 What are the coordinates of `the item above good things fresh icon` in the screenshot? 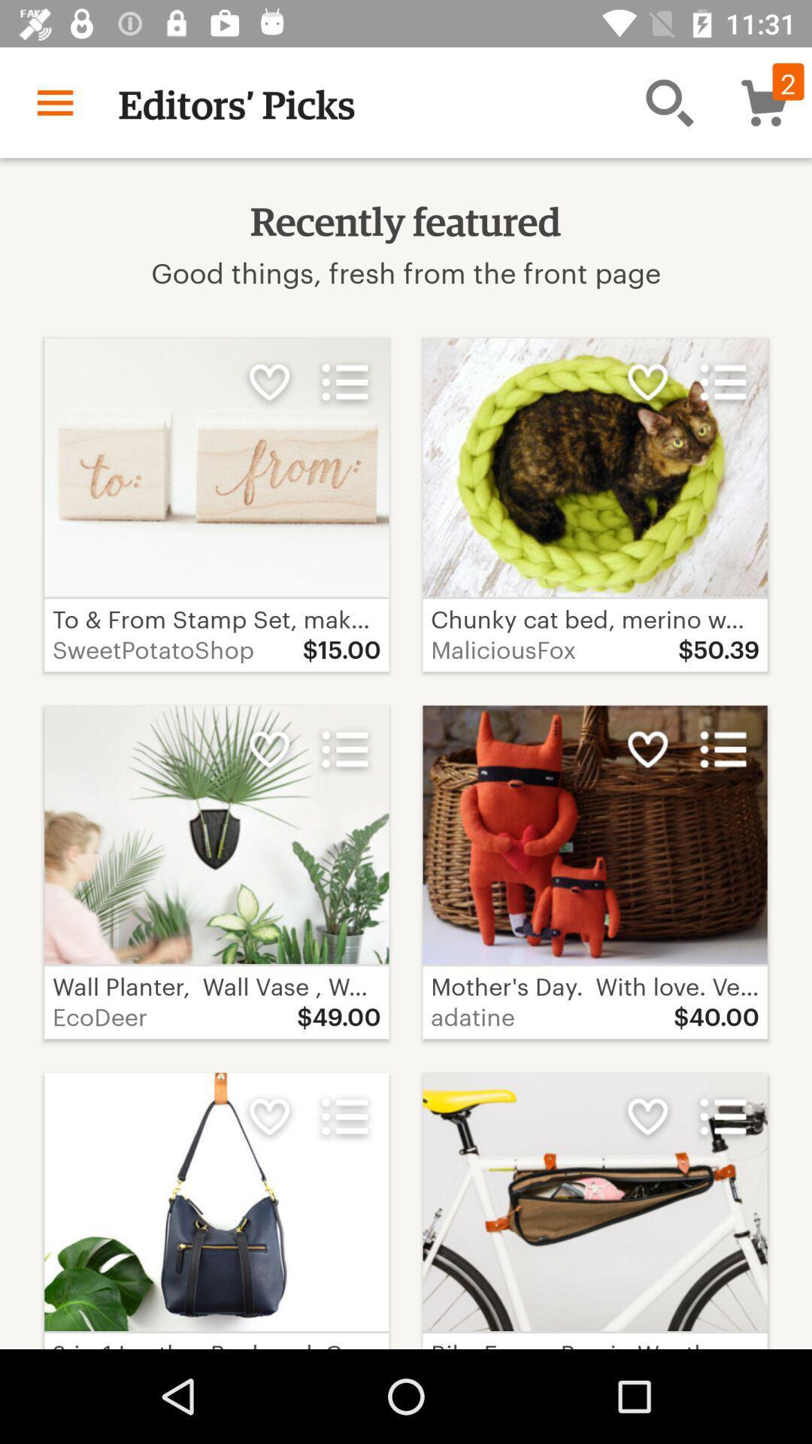 It's located at (669, 102).